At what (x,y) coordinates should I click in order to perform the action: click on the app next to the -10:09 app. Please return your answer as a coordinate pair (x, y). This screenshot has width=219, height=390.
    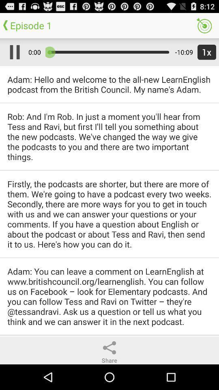
    Looking at the image, I should click on (205, 52).